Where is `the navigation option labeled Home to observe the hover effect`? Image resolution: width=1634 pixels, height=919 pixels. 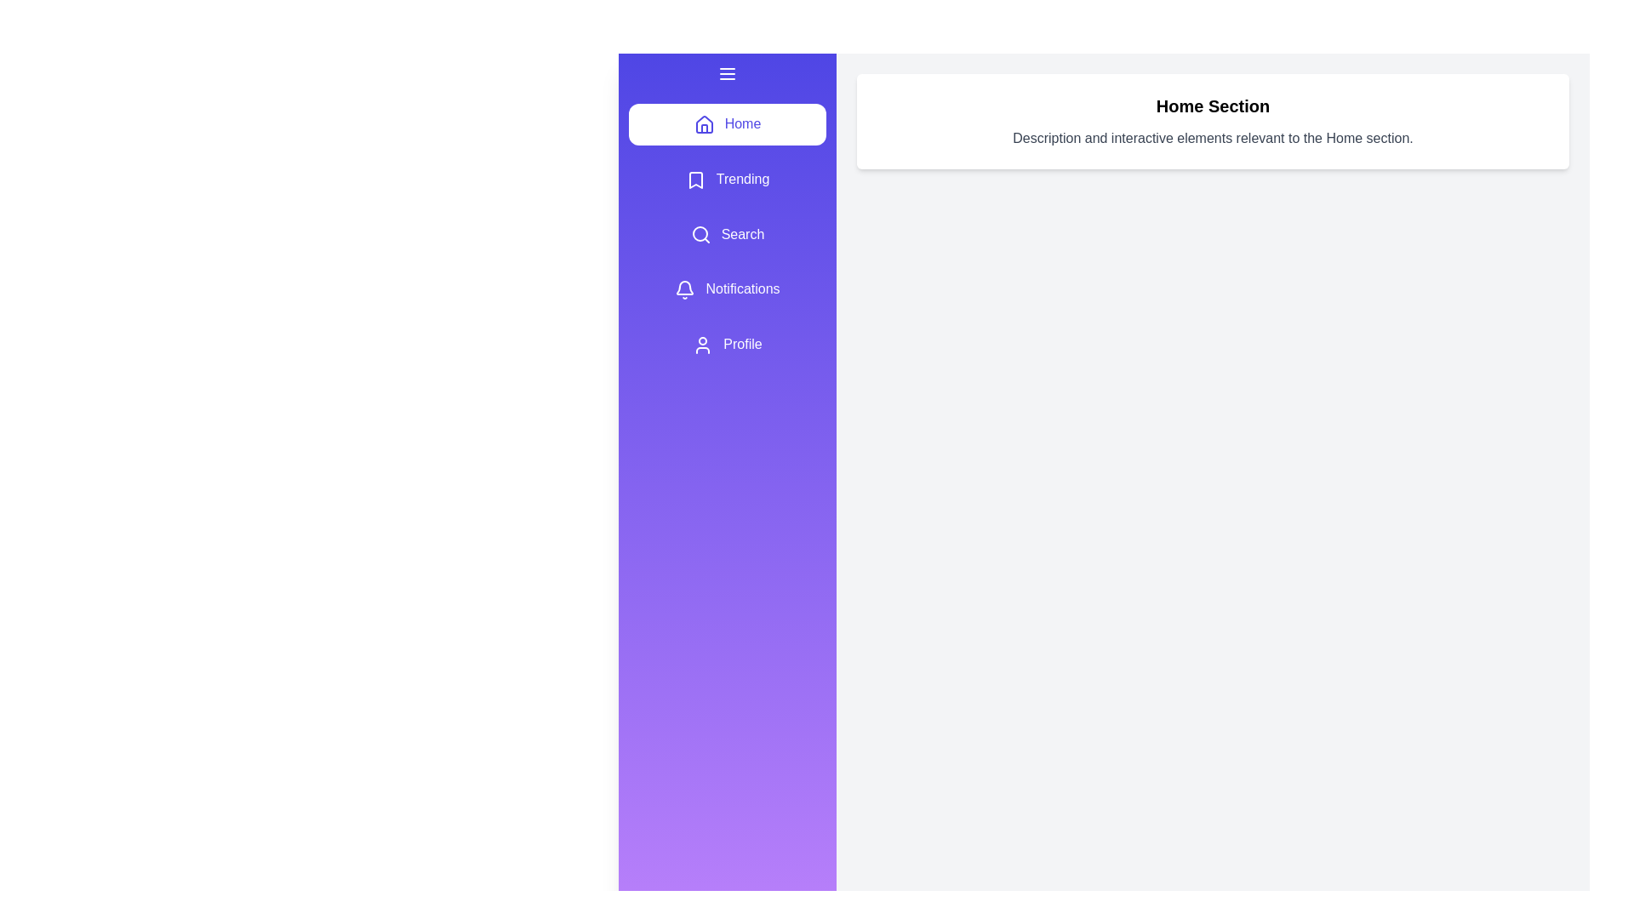
the navigation option labeled Home to observe the hover effect is located at coordinates (727, 123).